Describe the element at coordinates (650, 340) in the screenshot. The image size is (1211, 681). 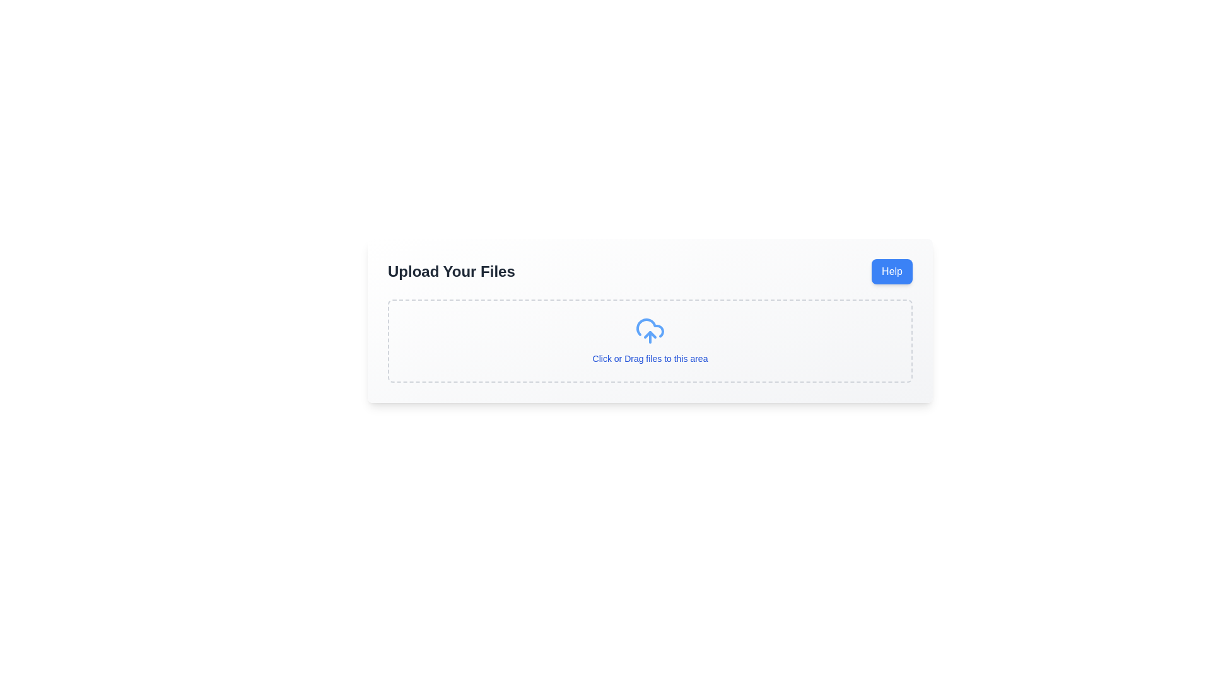
I see `the text area displaying the instruction 'Click or Drag files to this area' below the blue cloud upload icon` at that location.